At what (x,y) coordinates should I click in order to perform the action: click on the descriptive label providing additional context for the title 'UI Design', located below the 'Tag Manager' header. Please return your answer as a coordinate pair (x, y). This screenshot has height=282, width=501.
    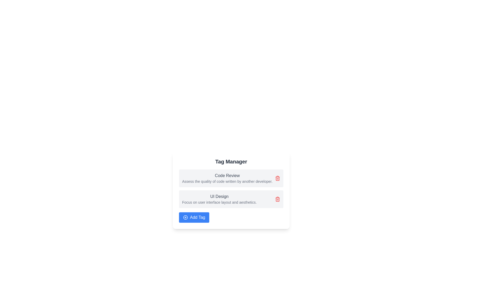
    Looking at the image, I should click on (219, 202).